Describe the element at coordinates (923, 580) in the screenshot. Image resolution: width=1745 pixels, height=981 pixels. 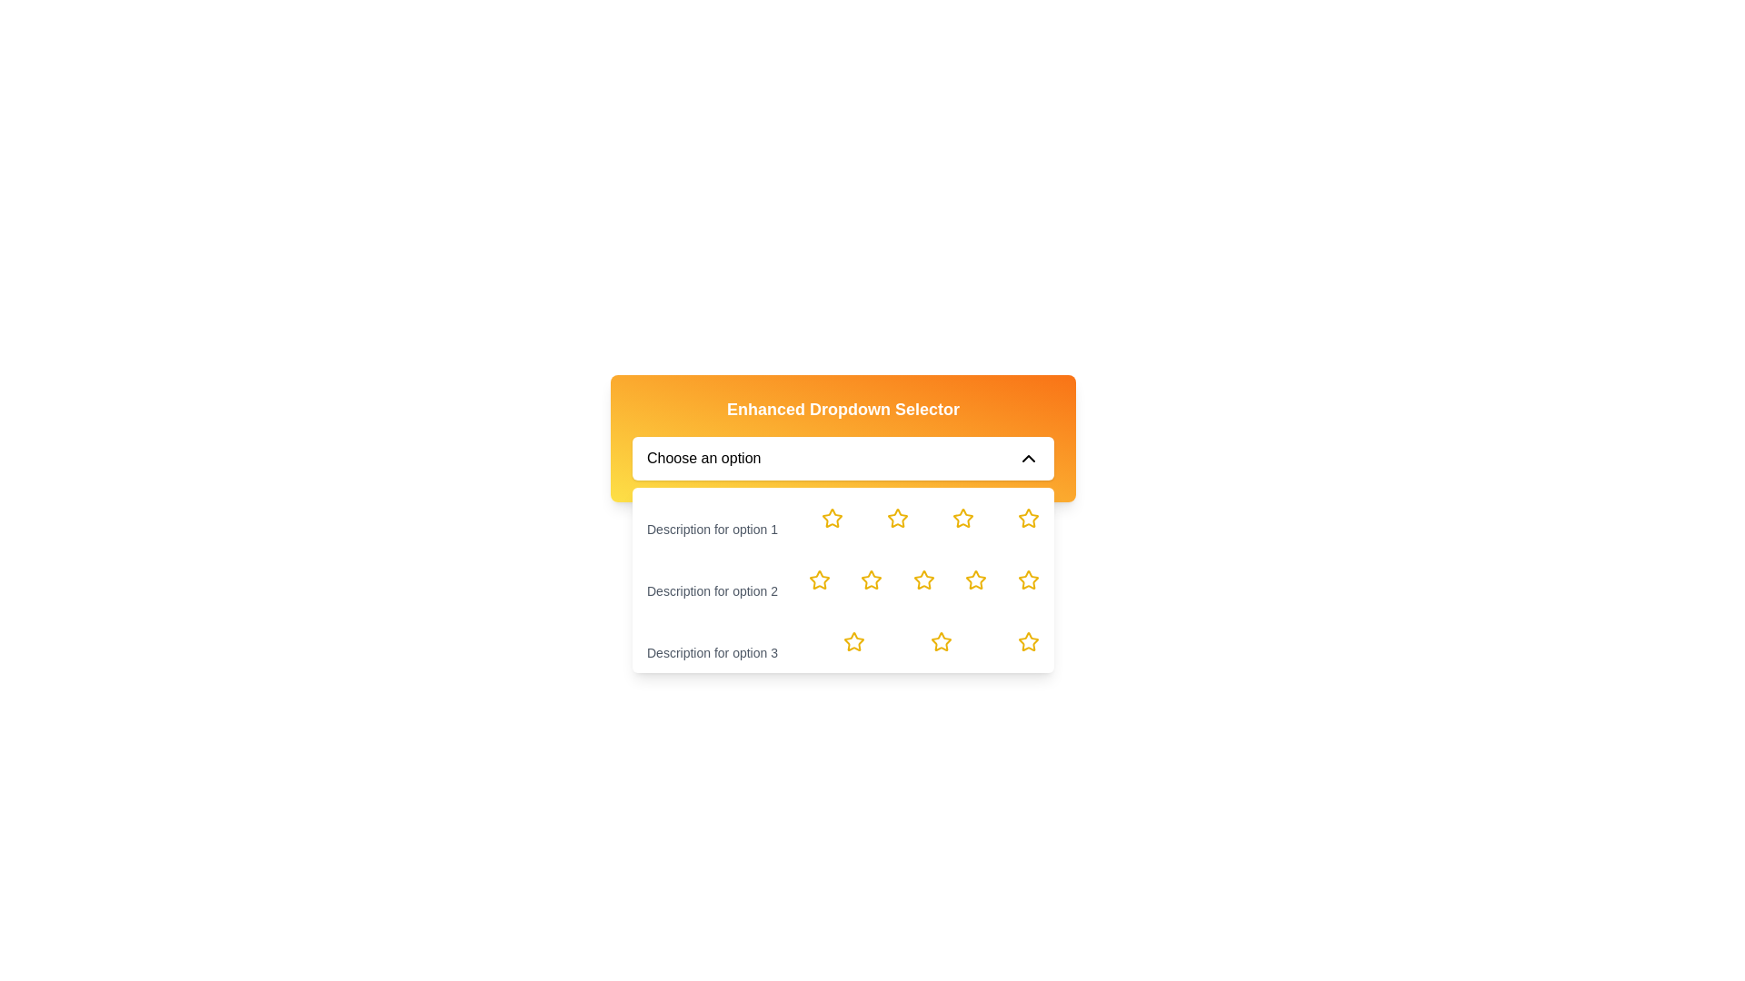
I see `from the fourth star in the second row of the rating stars` at that location.